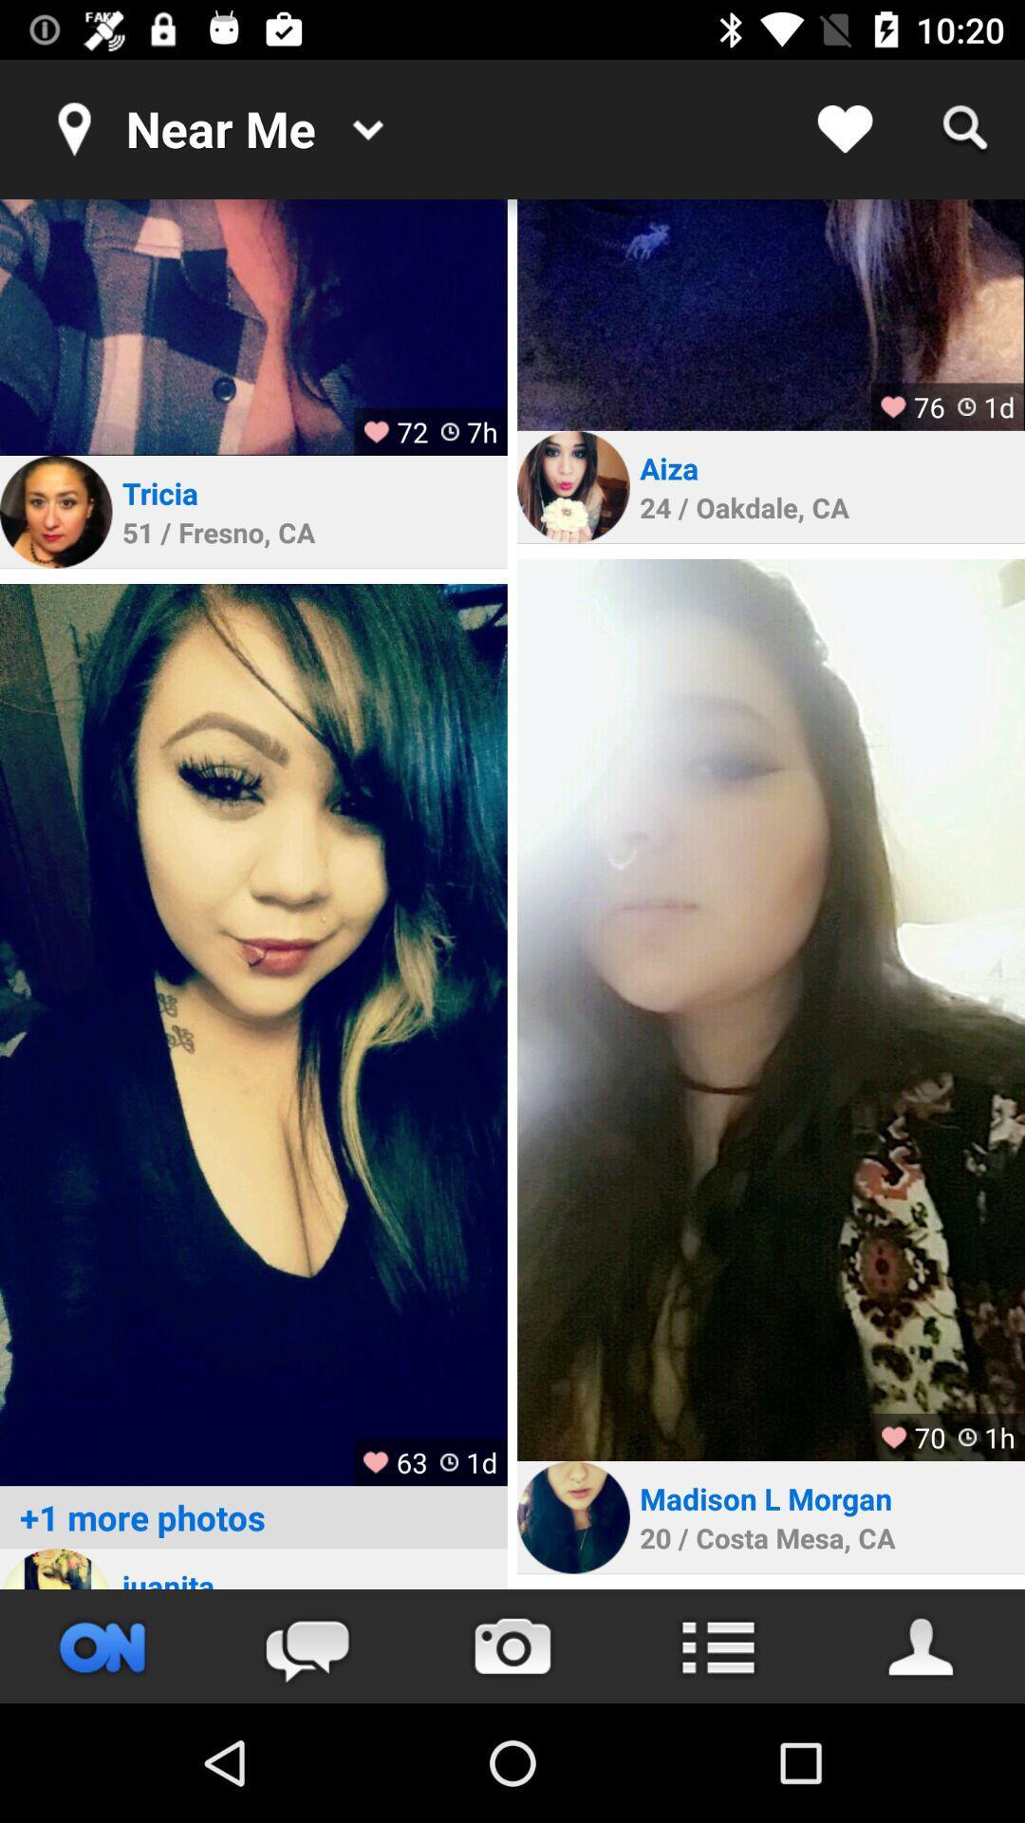 The width and height of the screenshot is (1025, 1823). I want to click on personal link, so click(572, 487).